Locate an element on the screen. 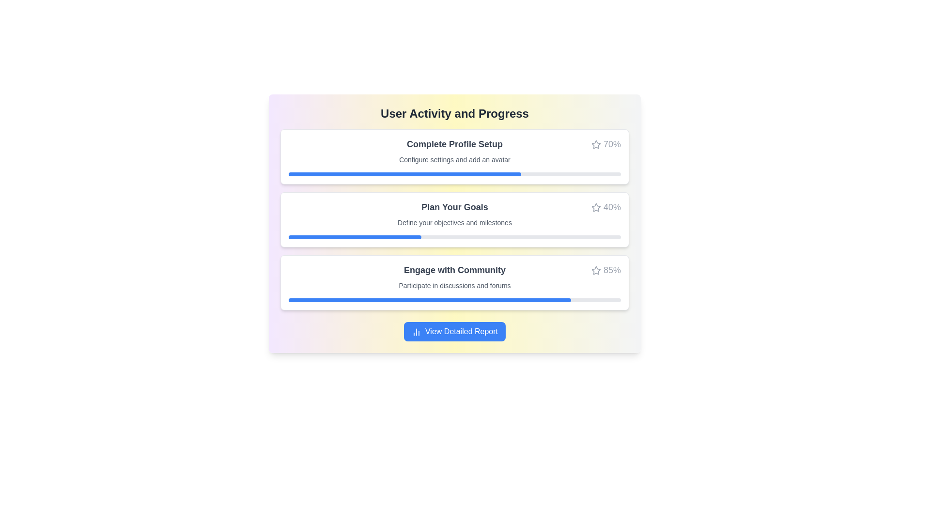 The height and width of the screenshot is (523, 930). the progress information list located centrally in the interface, between the 'User Activity and Progress' title and the 'View Detailed Report' button is located at coordinates (454, 220).